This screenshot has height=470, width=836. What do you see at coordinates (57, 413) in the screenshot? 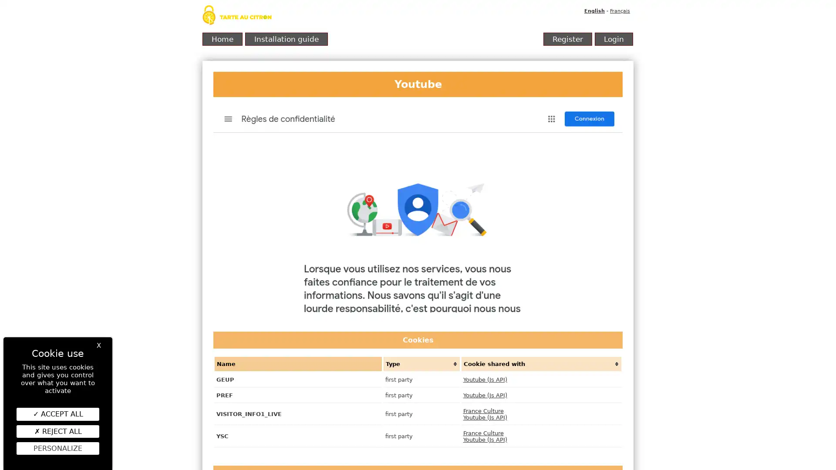
I see `ACCEPT ALL` at bounding box center [57, 413].